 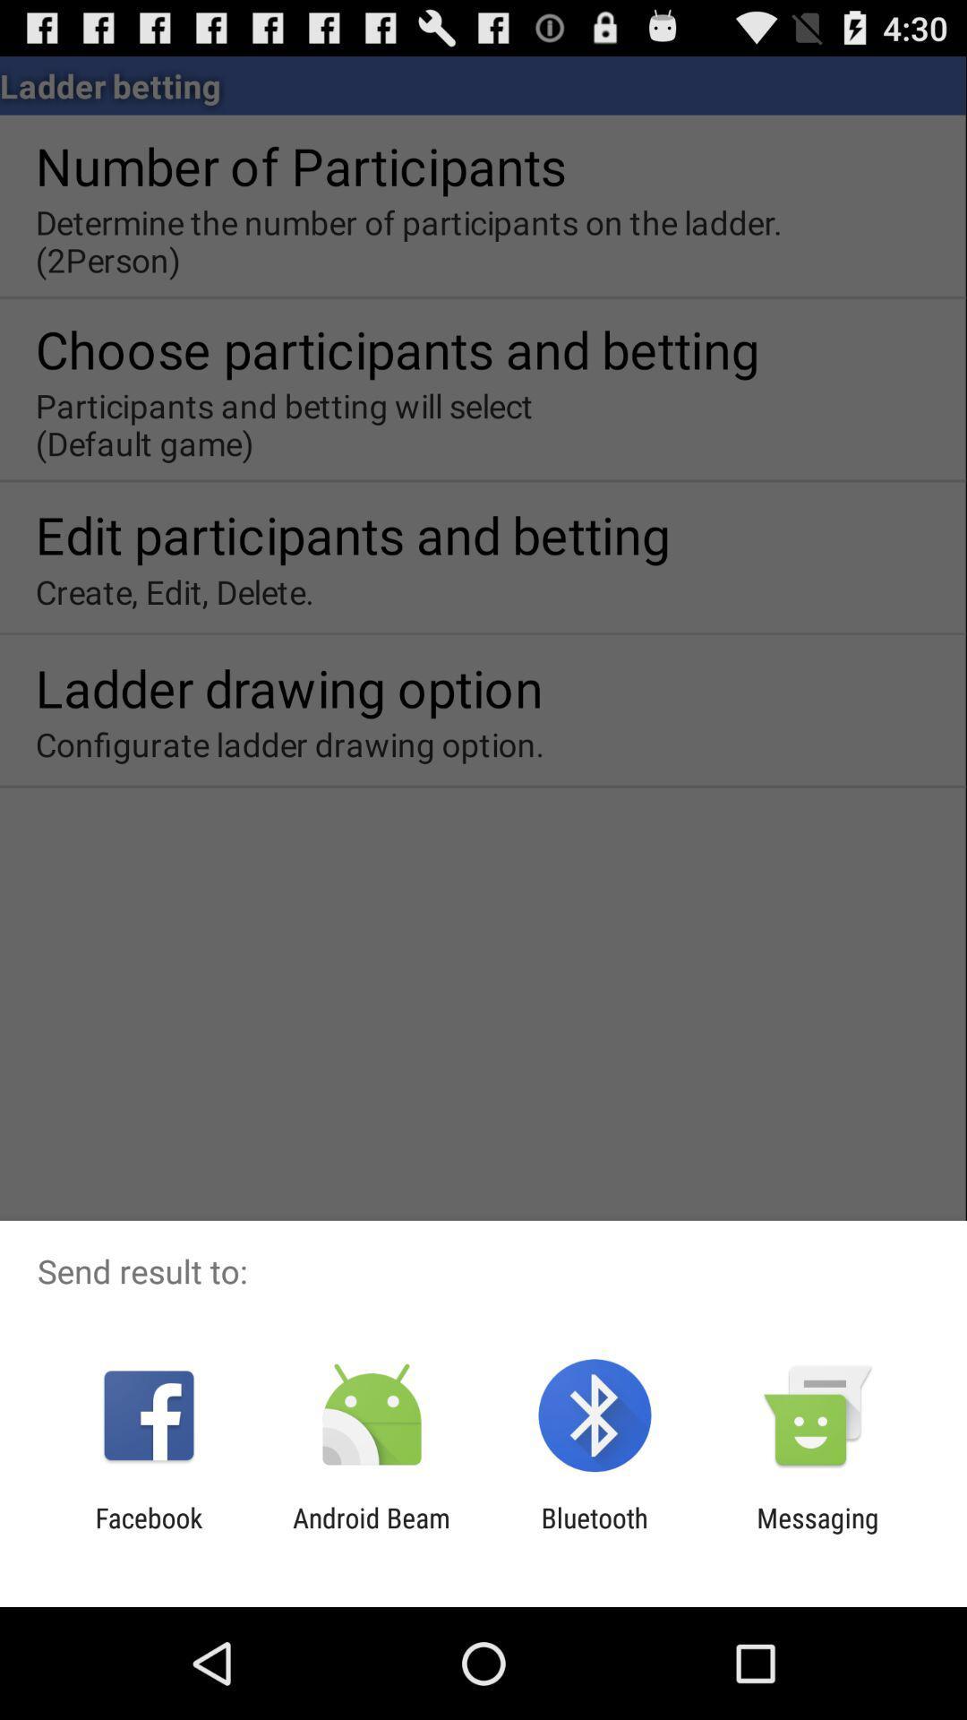 I want to click on the icon next to messaging icon, so click(x=595, y=1533).